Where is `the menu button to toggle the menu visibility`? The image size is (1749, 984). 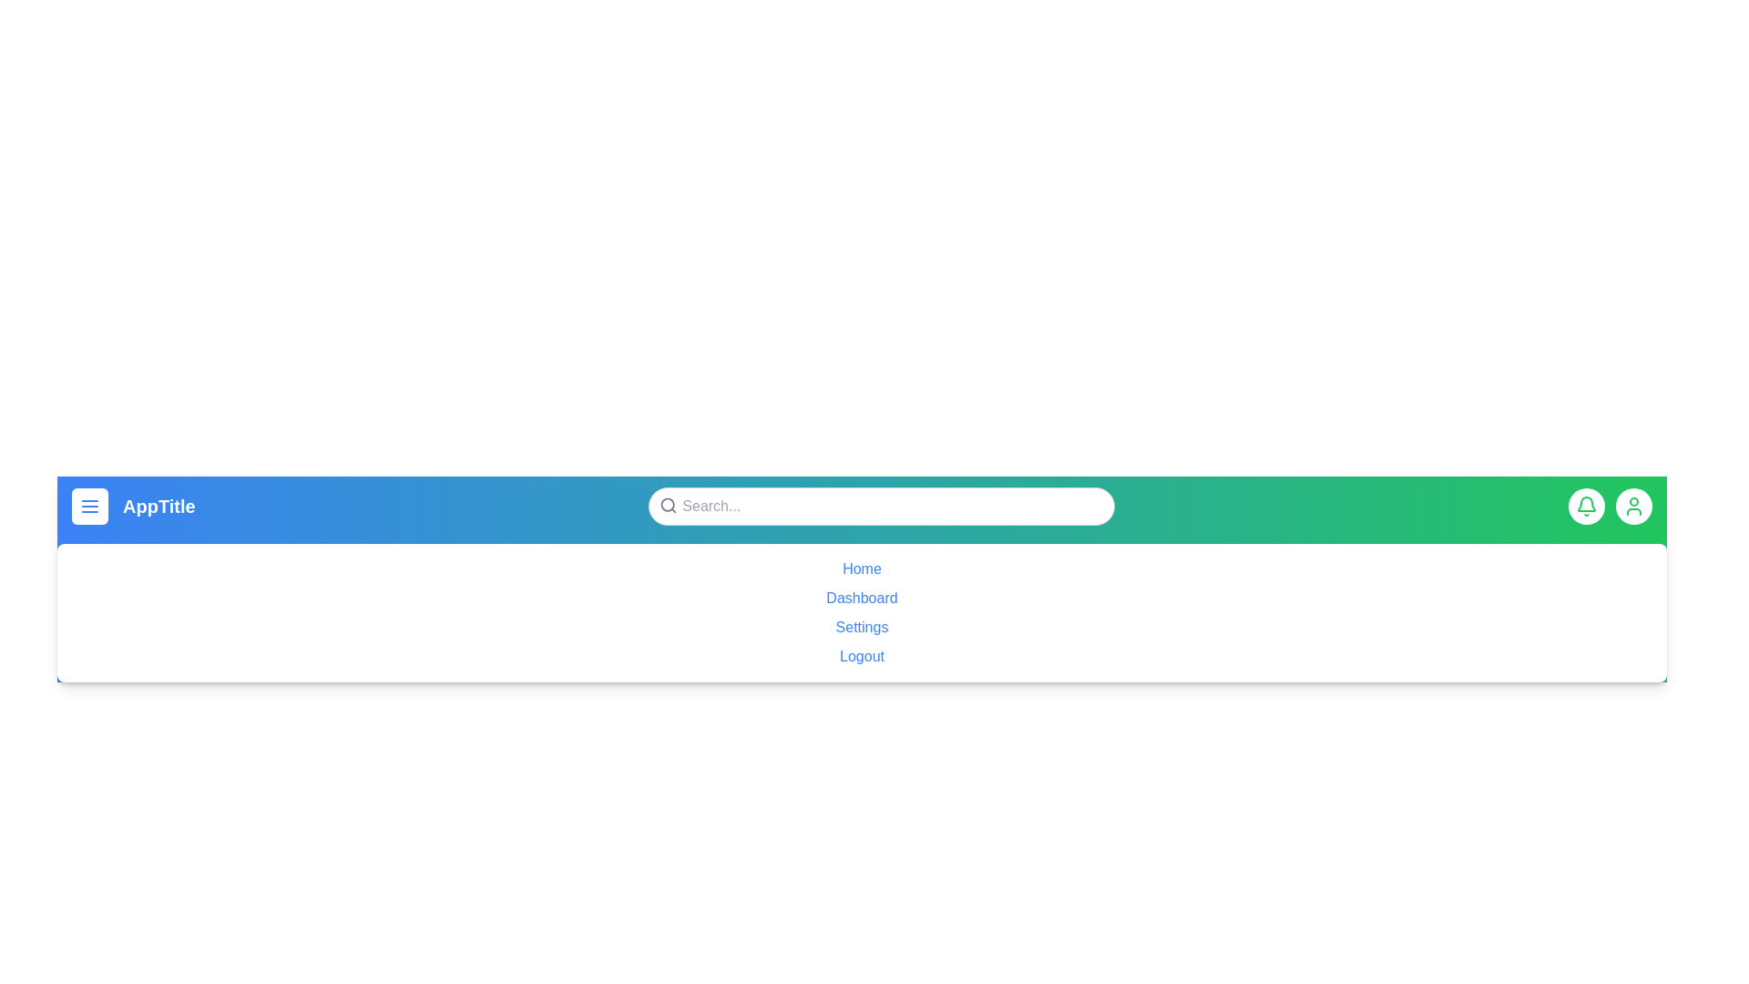
the menu button to toggle the menu visibility is located at coordinates (89, 506).